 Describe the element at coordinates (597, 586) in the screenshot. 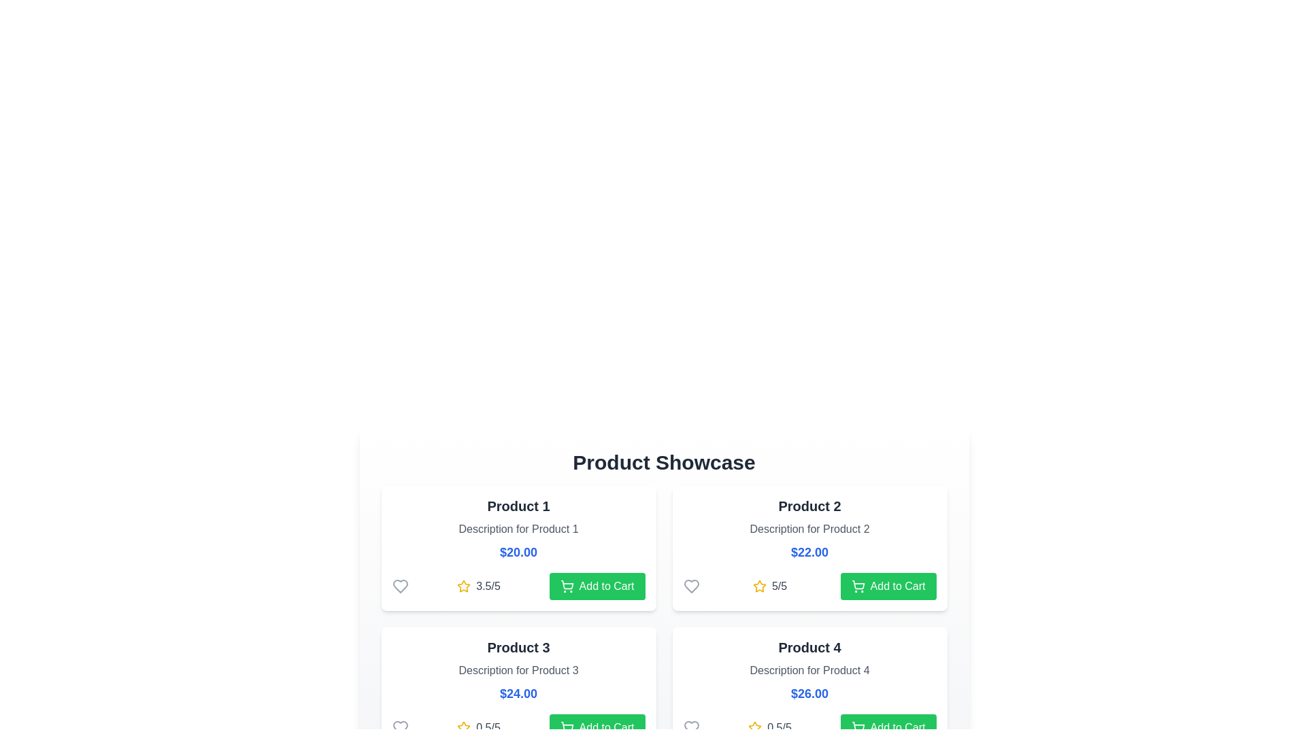

I see `the 'Add to Cart' button with a green background and white text located at the bottom-right corner of the 'Product 1' card` at that location.